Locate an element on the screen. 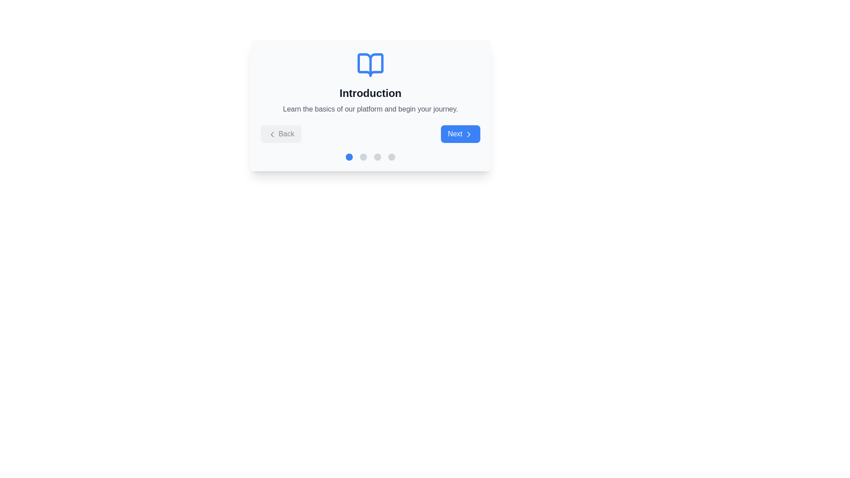 The width and height of the screenshot is (850, 478). the 'Back' button, which has a light gray background, rounded corners, and a left-facing arrow icon is located at coordinates (280, 134).